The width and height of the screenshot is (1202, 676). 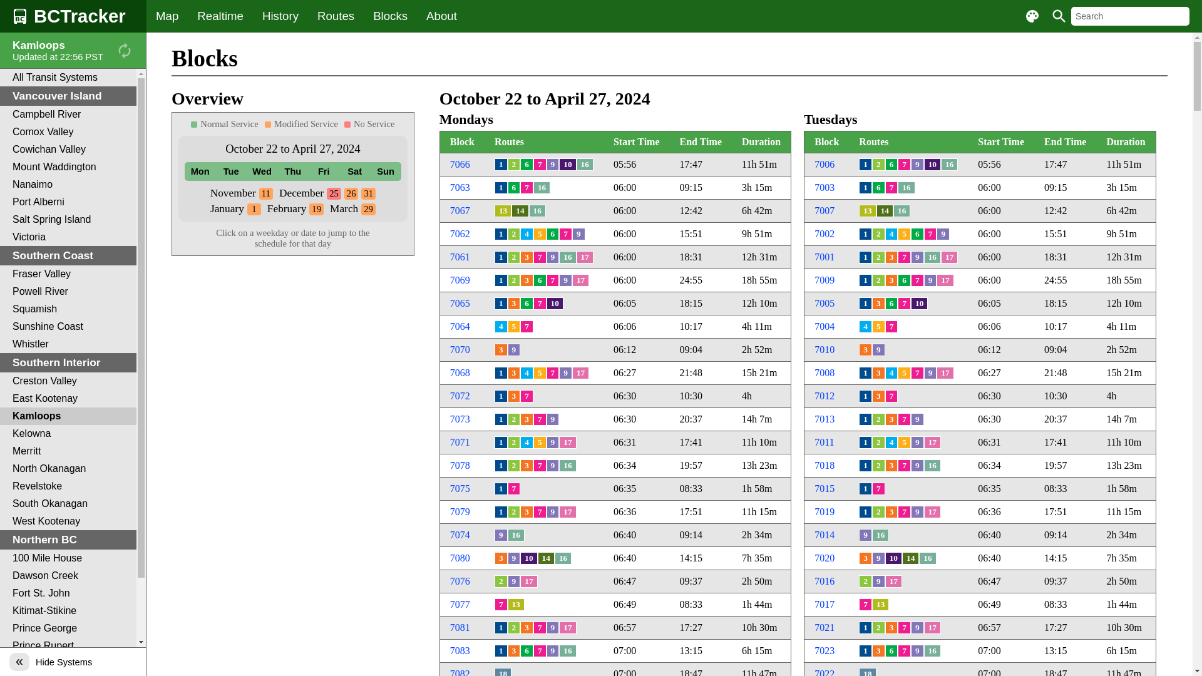 What do you see at coordinates (68, 344) in the screenshot?
I see `'Whistler'` at bounding box center [68, 344].